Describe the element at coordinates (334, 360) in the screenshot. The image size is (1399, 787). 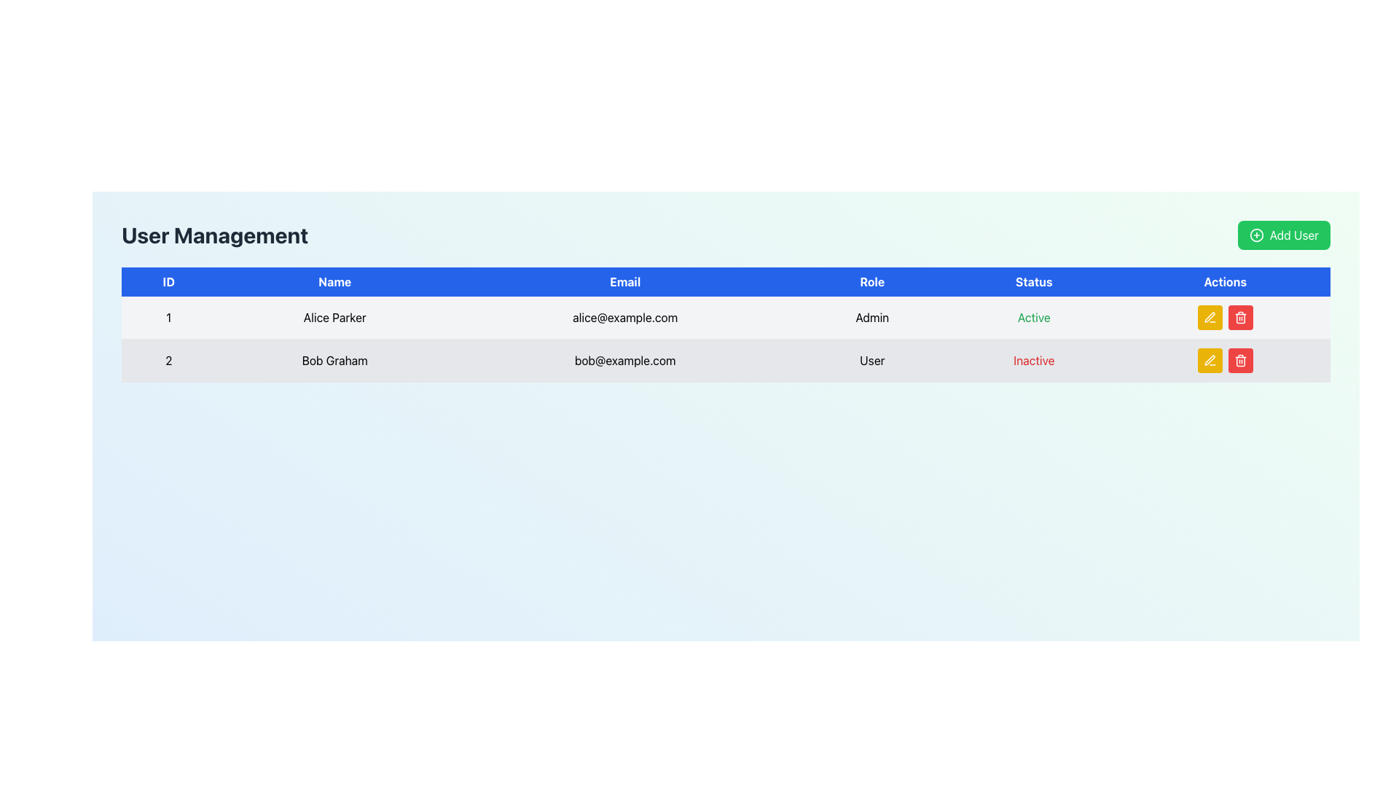
I see `non-interactive text label displaying the user's name located in the second row of a table under the 'Name' column, positioned between the 'ID' and 'Email' columns` at that location.